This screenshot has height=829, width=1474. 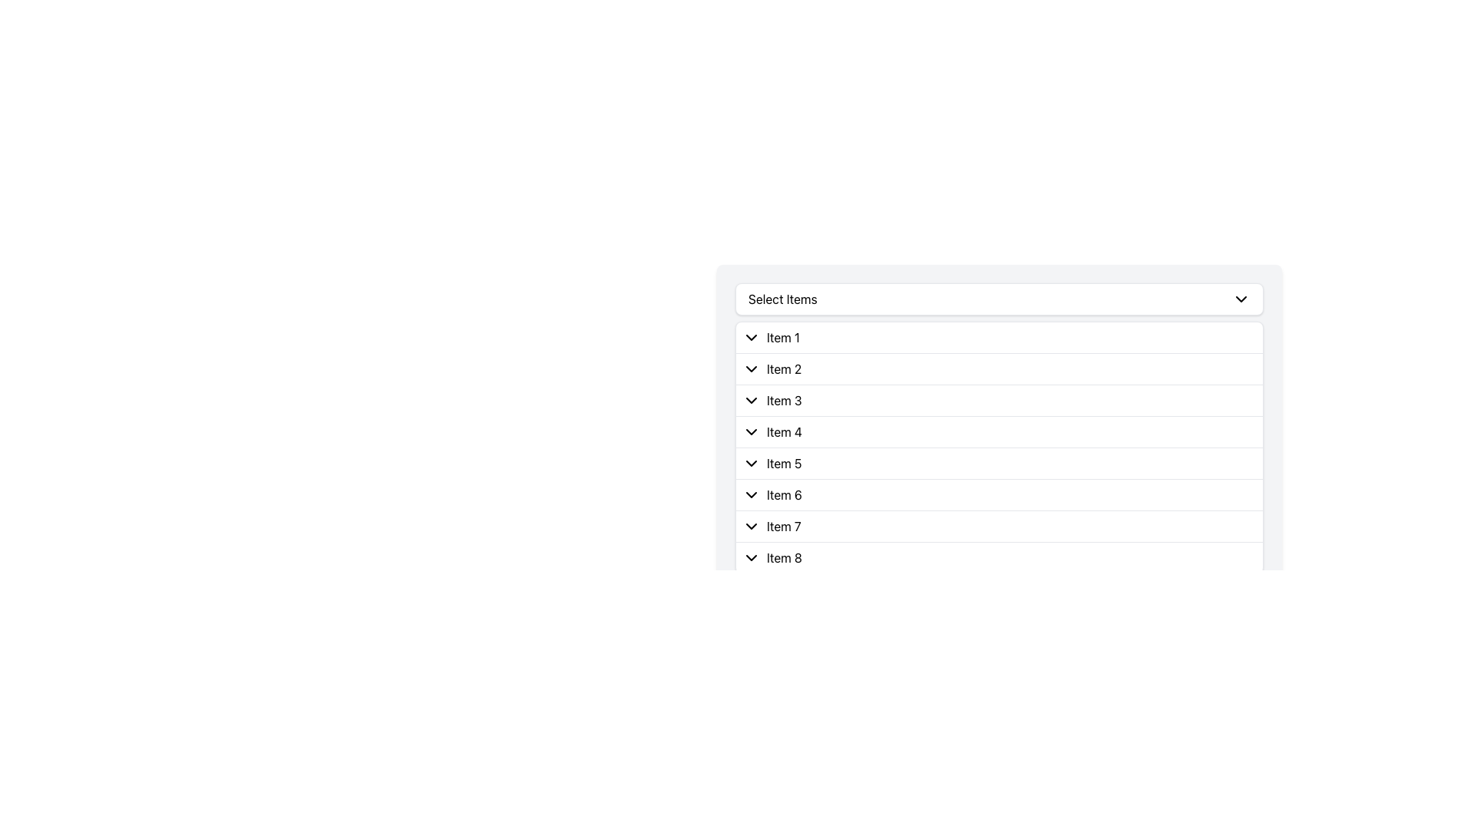 I want to click on the 'Item 6' text label within the dropdown list, so click(x=785, y=494).